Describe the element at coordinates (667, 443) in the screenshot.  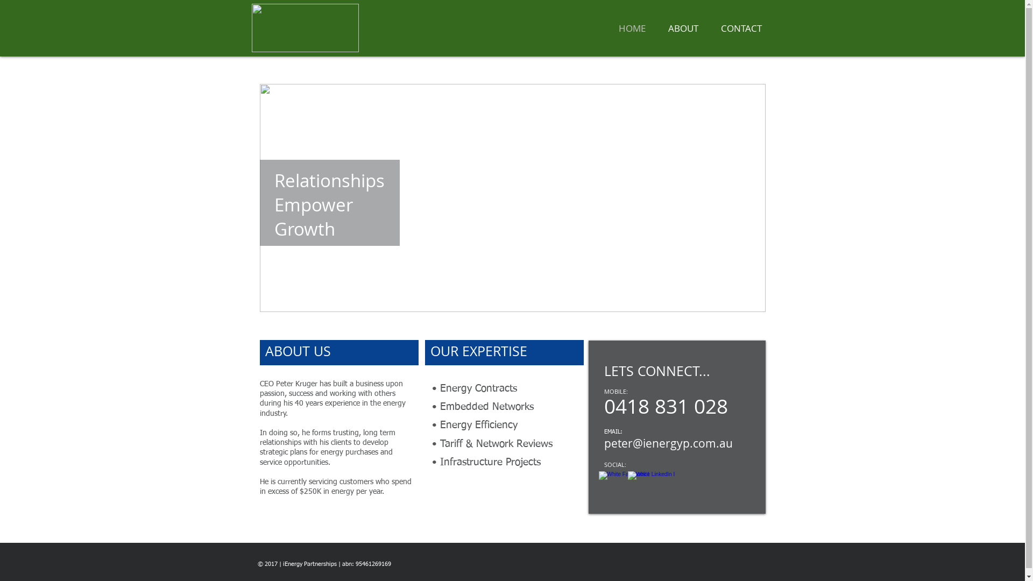
I see `'peter@ienergyp.com.au'` at that location.